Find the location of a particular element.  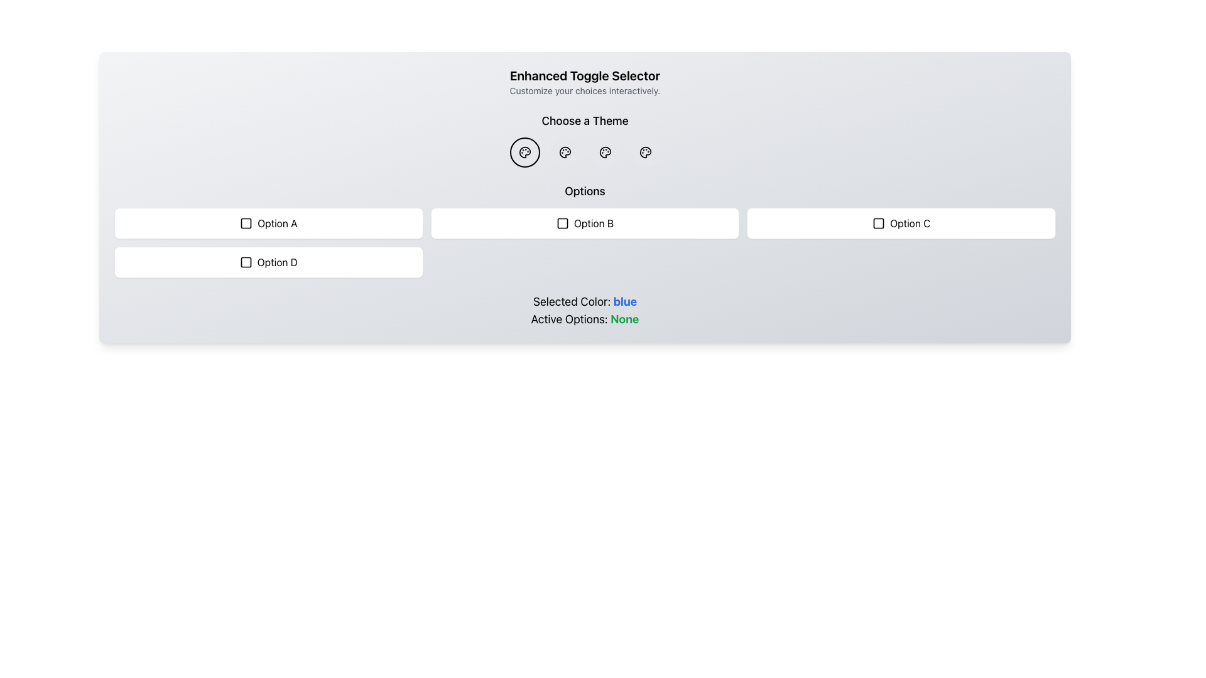

the first button in the row of theme selector buttons is located at coordinates (524, 152).